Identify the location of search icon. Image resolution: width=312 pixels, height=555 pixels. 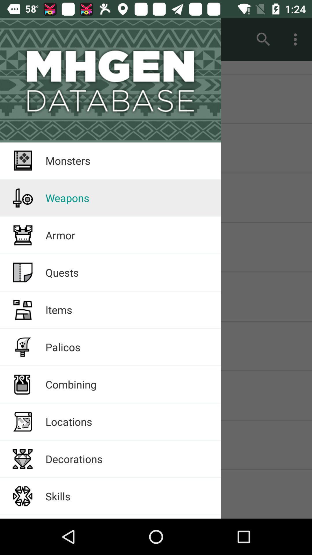
(263, 39).